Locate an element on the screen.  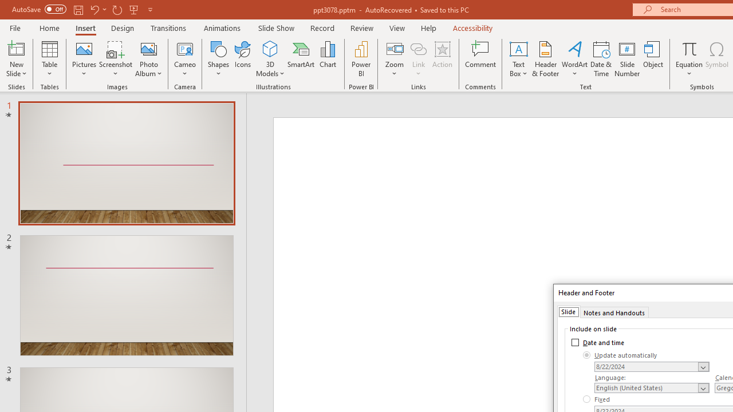
'Comment' is located at coordinates (480, 59).